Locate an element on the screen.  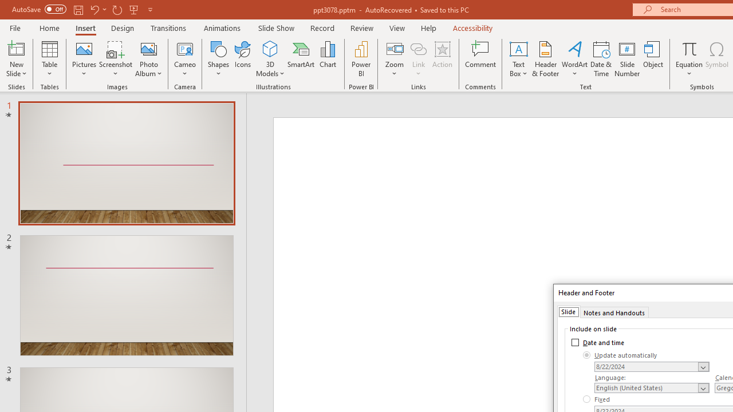
'Comment' is located at coordinates (480, 59).